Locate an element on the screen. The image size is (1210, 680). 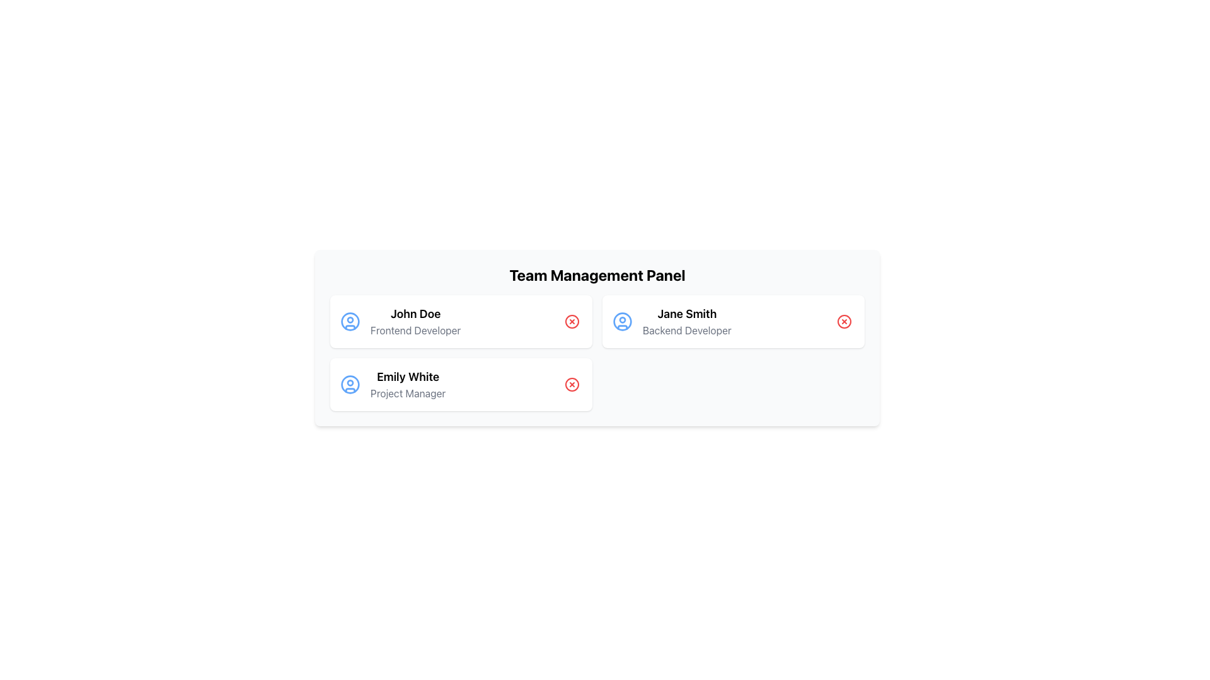
the third card component displaying a team member's name and role in the grid layout, positioned below 'John Doe' and to the left of 'Jane Smith' is located at coordinates (460, 383).